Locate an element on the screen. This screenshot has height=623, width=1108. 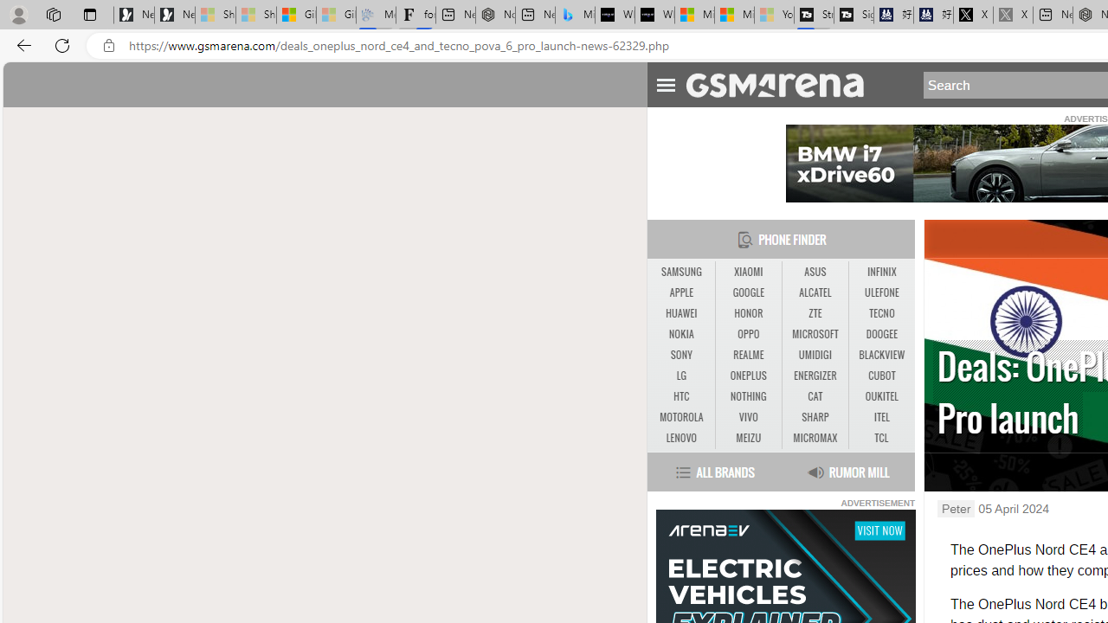
'MICROSOFT' is located at coordinates (814, 334).